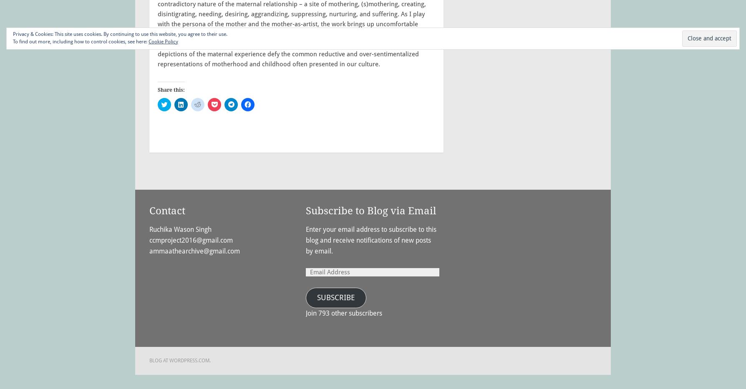  Describe the element at coordinates (343, 312) in the screenshot. I see `'Join 793 other subscribers'` at that location.